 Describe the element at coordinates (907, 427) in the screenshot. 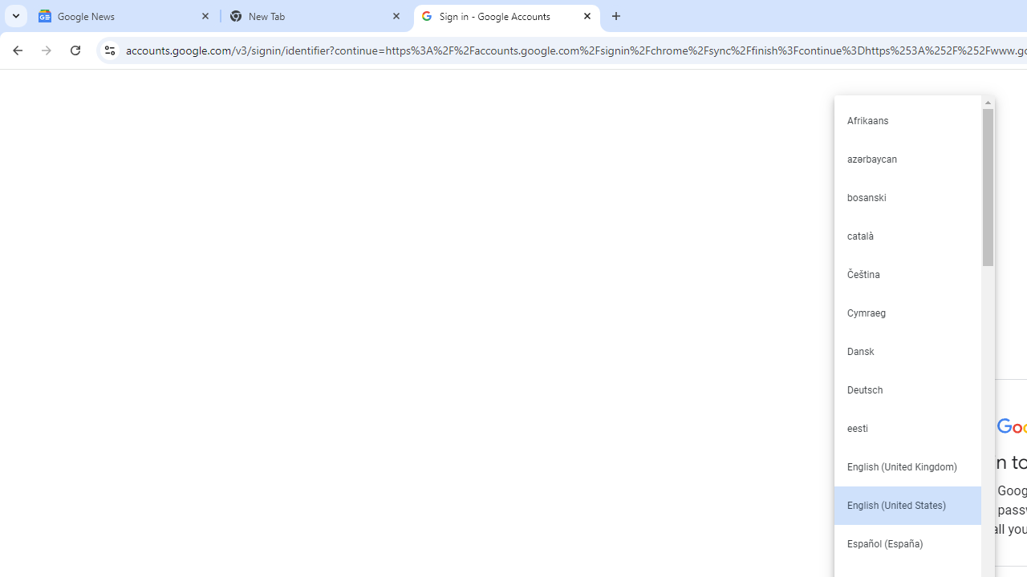

I see `'eesti'` at that location.